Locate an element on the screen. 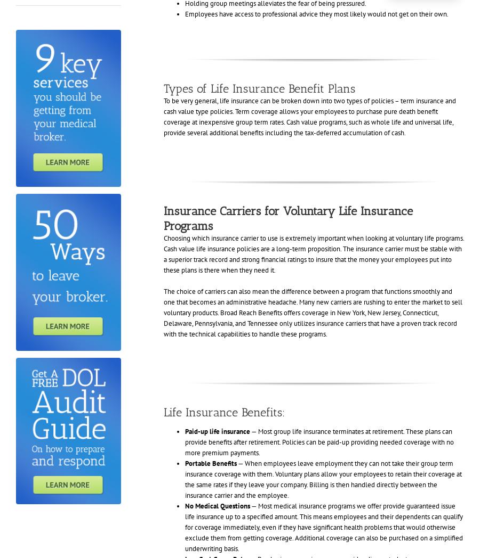  'Paid-up life insurance' is located at coordinates (217, 430).